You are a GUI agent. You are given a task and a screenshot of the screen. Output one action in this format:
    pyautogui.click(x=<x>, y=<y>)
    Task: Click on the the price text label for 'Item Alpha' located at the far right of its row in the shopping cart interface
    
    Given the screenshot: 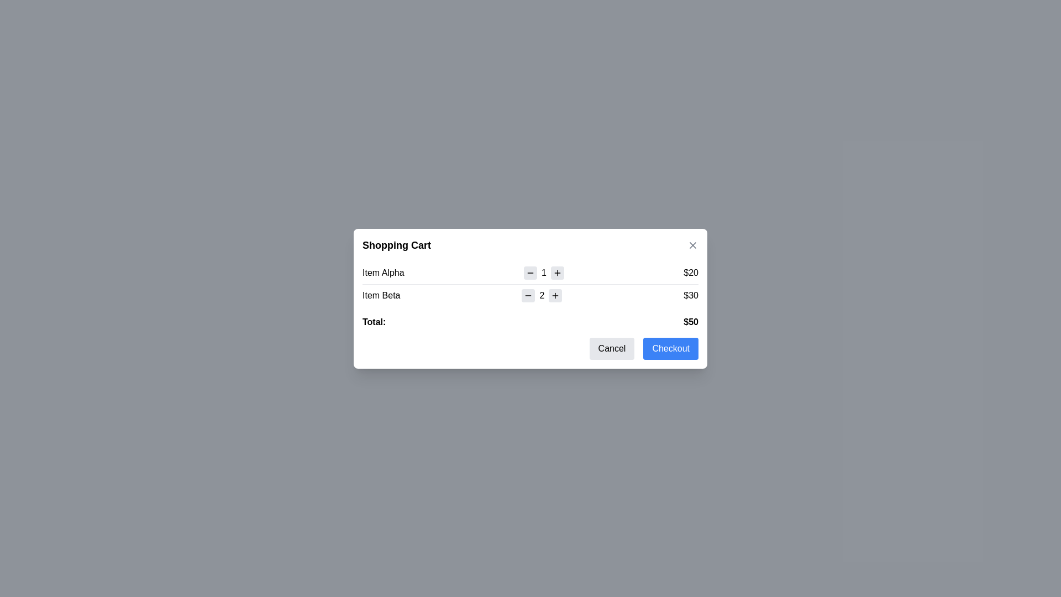 What is the action you would take?
    pyautogui.click(x=690, y=273)
    